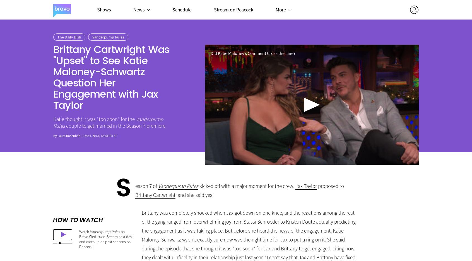 This screenshot has height=261, width=472. What do you see at coordinates (175, 195) in the screenshot?
I see `', and she said yes!'` at bounding box center [175, 195].